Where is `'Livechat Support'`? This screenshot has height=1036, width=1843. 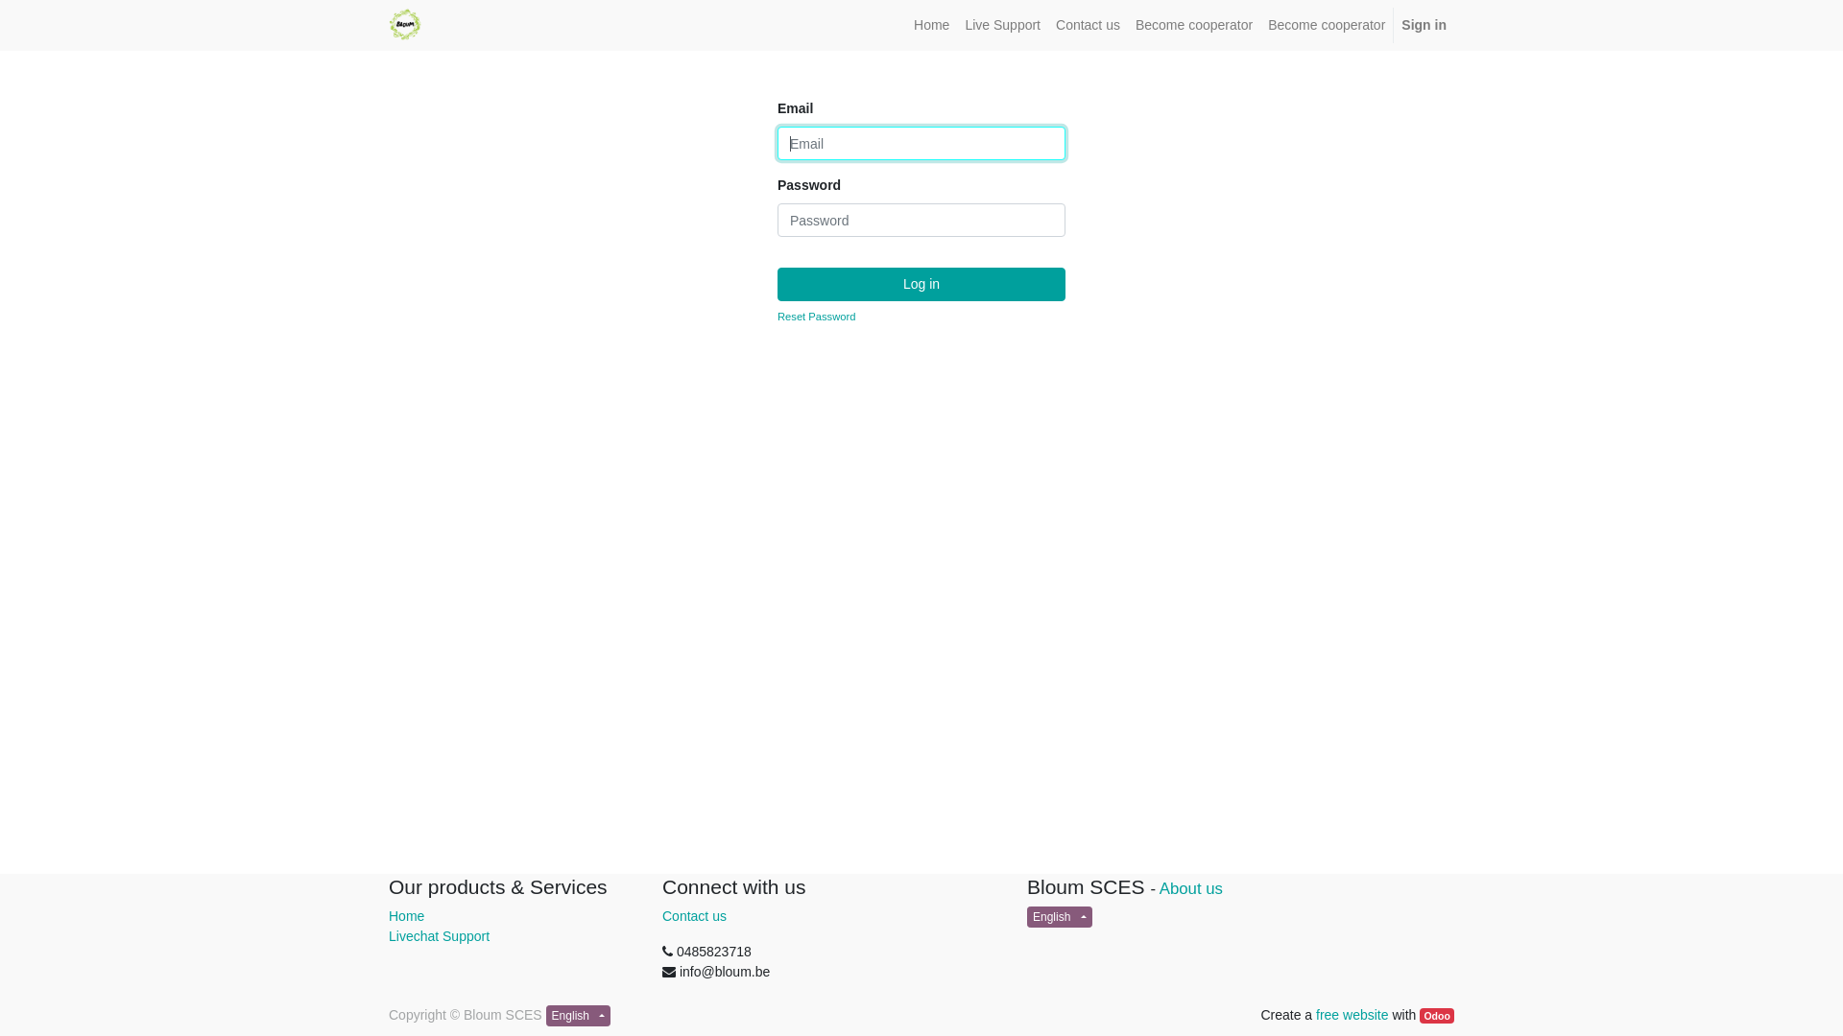 'Livechat Support' is located at coordinates (438, 934).